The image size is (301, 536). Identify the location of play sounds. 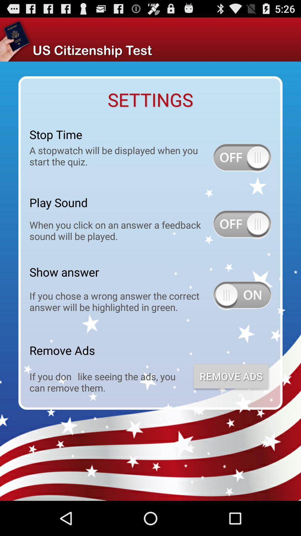
(242, 225).